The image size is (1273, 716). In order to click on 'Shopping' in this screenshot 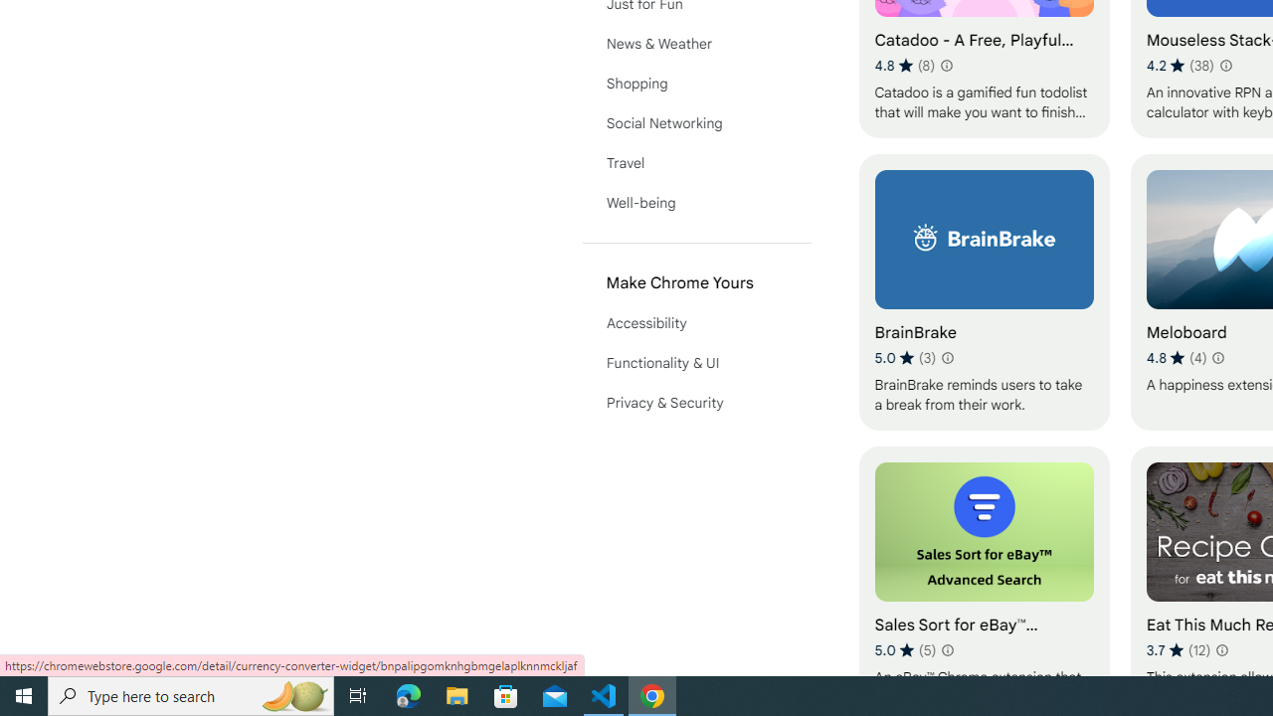, I will do `click(696, 82)`.